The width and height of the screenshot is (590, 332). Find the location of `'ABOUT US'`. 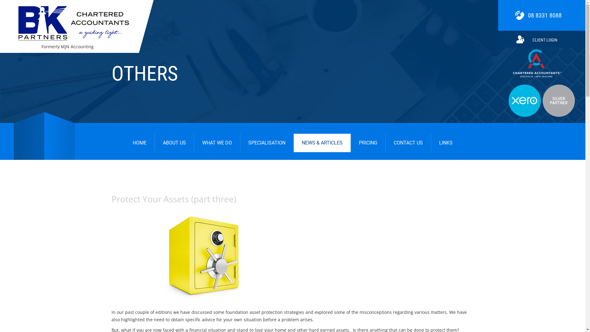

'ABOUT US' is located at coordinates (155, 143).